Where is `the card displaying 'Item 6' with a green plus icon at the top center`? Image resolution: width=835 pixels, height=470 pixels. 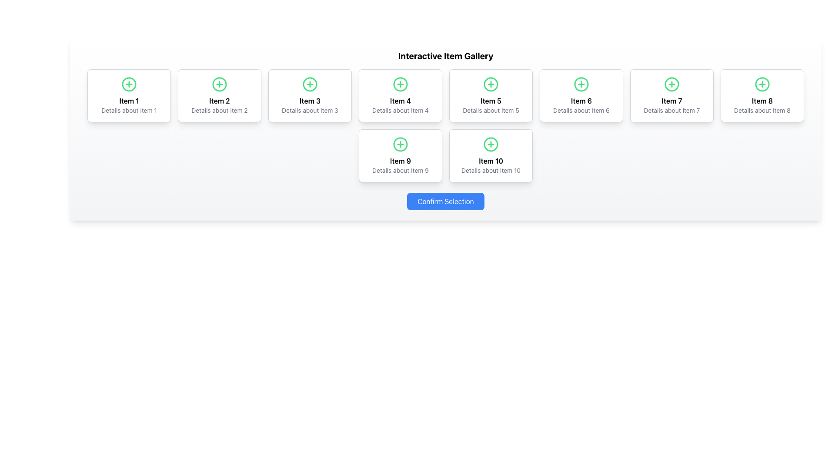 the card displaying 'Item 6' with a green plus icon at the top center is located at coordinates (581, 95).